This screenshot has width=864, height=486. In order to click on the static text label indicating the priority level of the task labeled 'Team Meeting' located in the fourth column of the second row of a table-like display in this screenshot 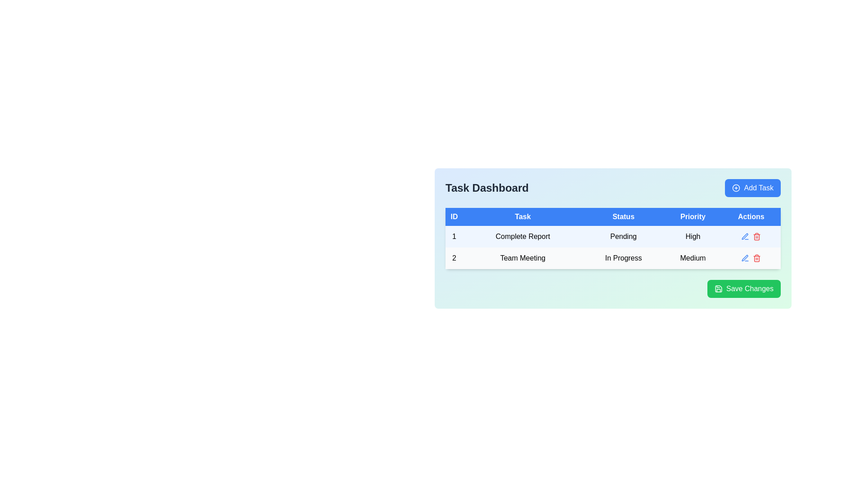, I will do `click(693, 258)`.